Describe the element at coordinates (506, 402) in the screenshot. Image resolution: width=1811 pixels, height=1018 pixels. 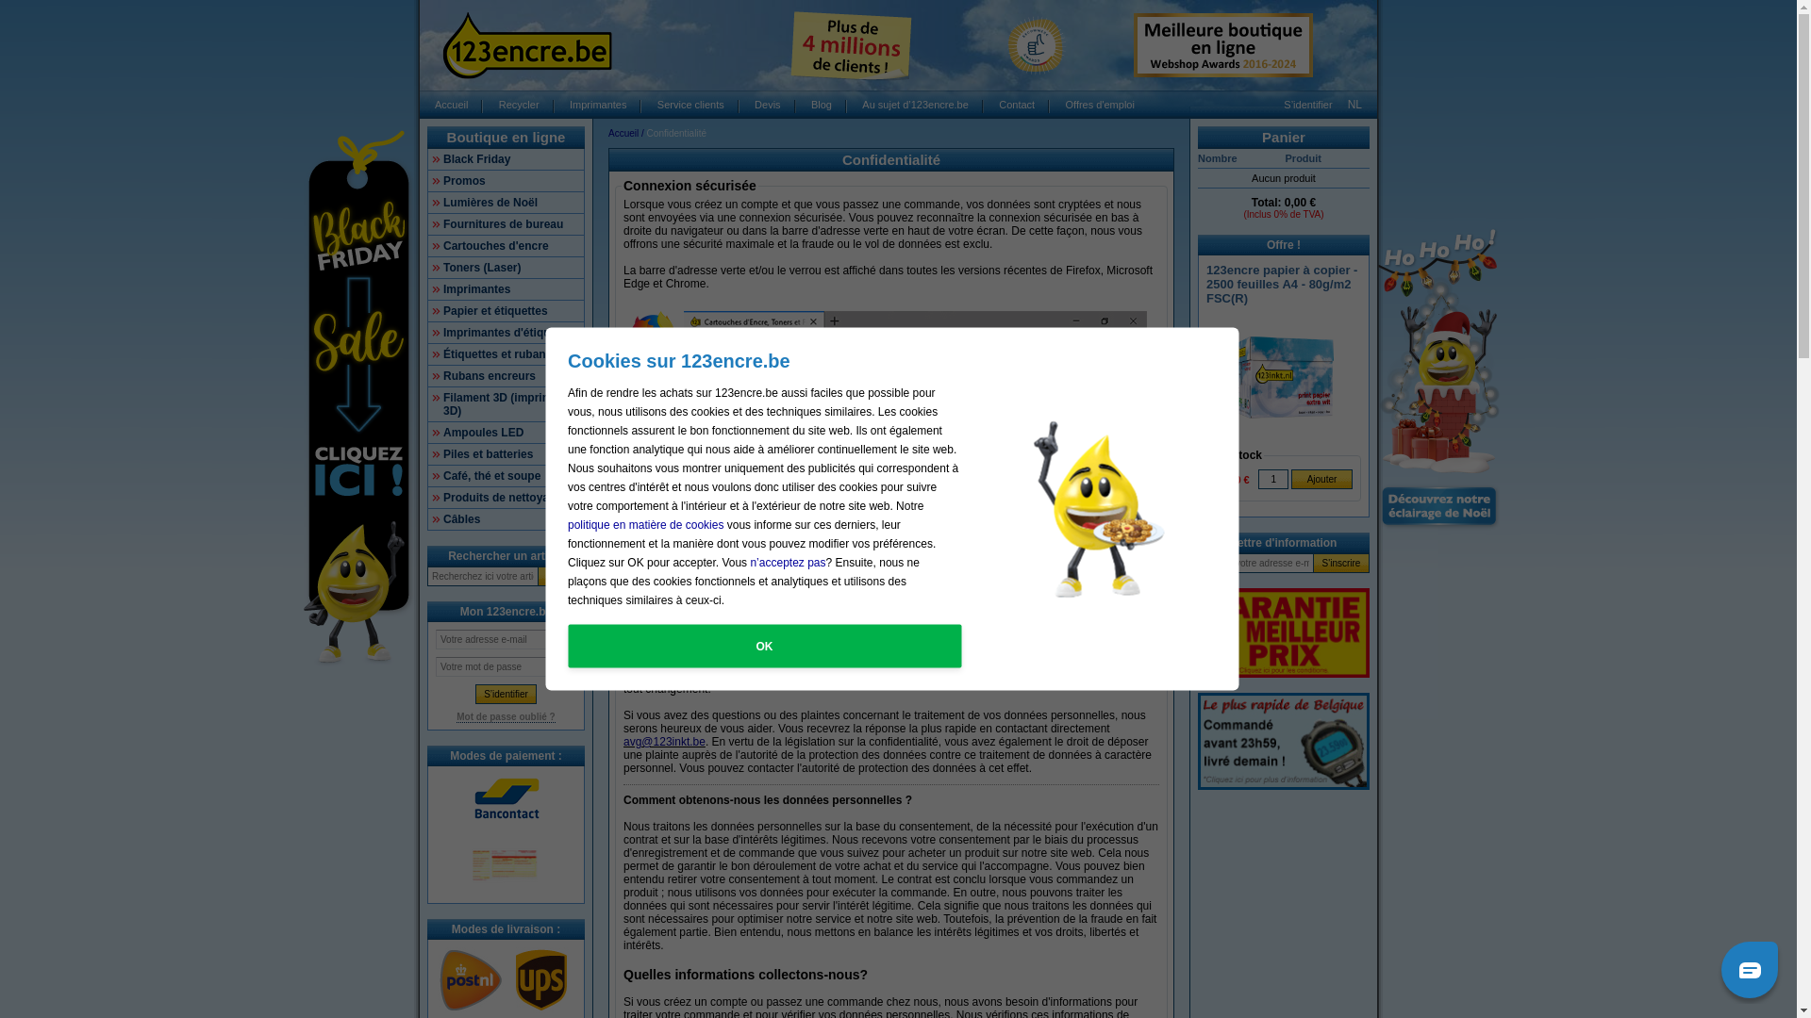
I see `'Filament 3D (imprimantes 3D)'` at that location.